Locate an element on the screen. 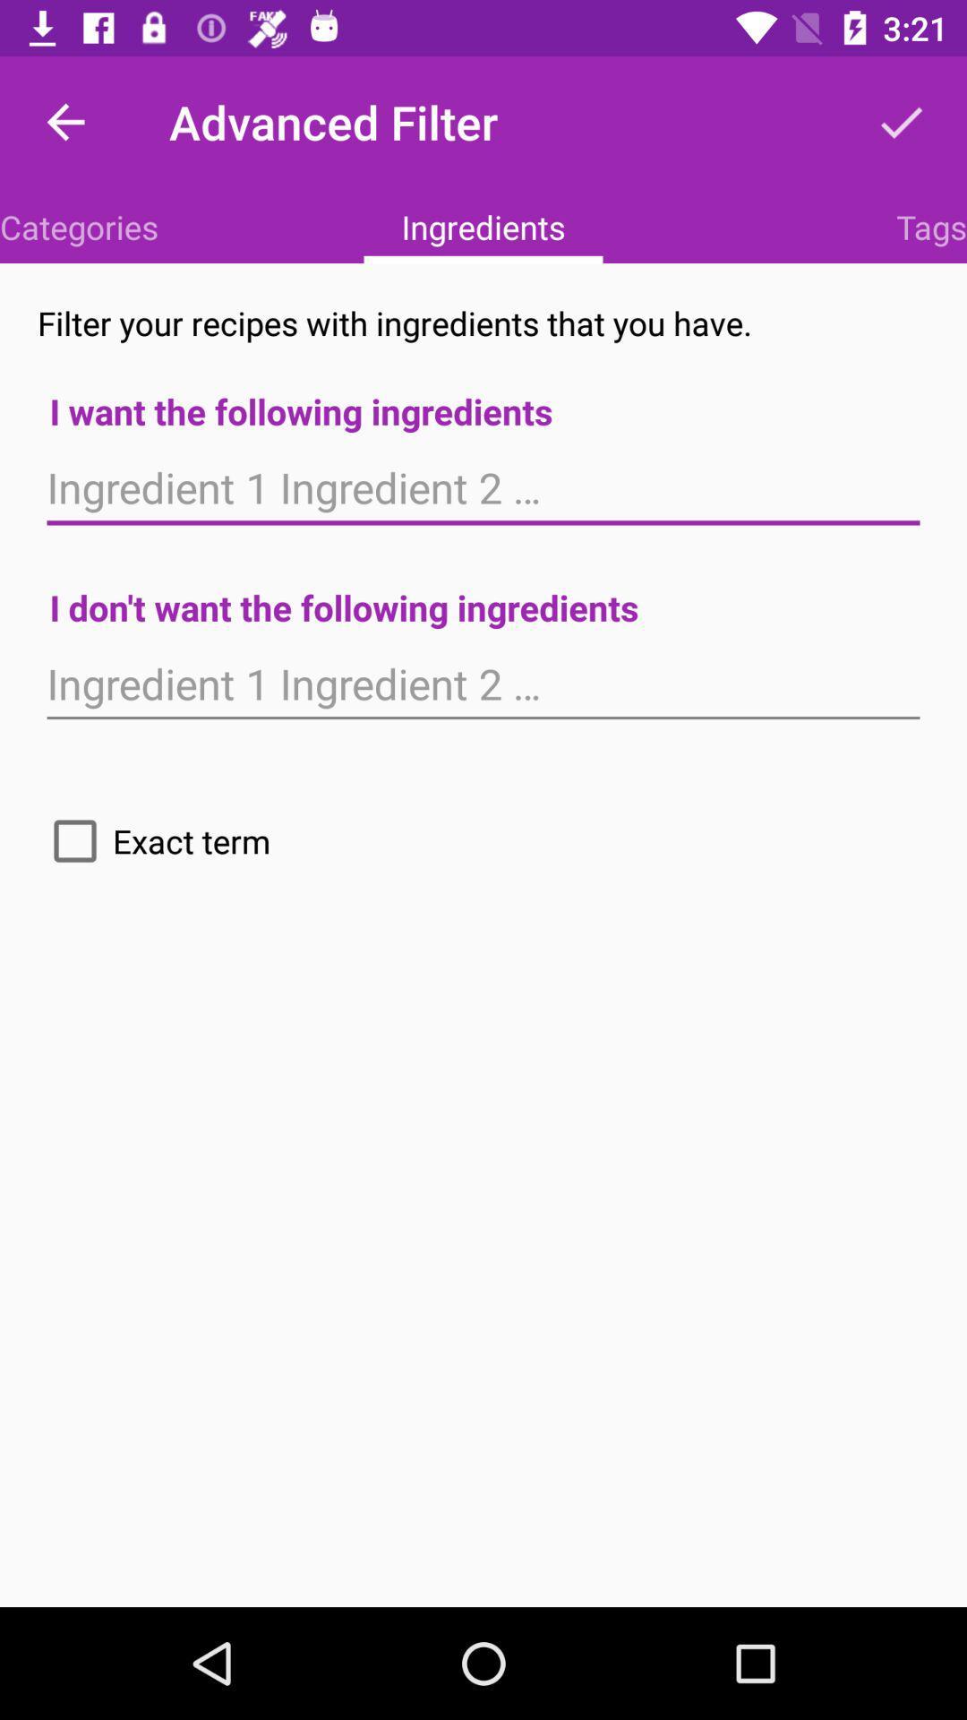 The height and width of the screenshot is (1720, 967). the categories icon is located at coordinates (78, 226).